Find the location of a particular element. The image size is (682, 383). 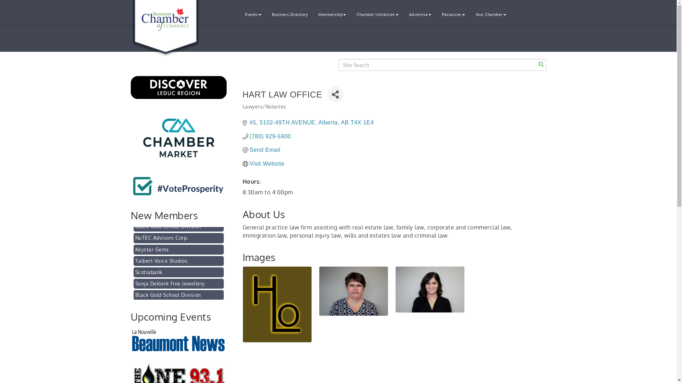

'Your Chamber' is located at coordinates (470, 15).